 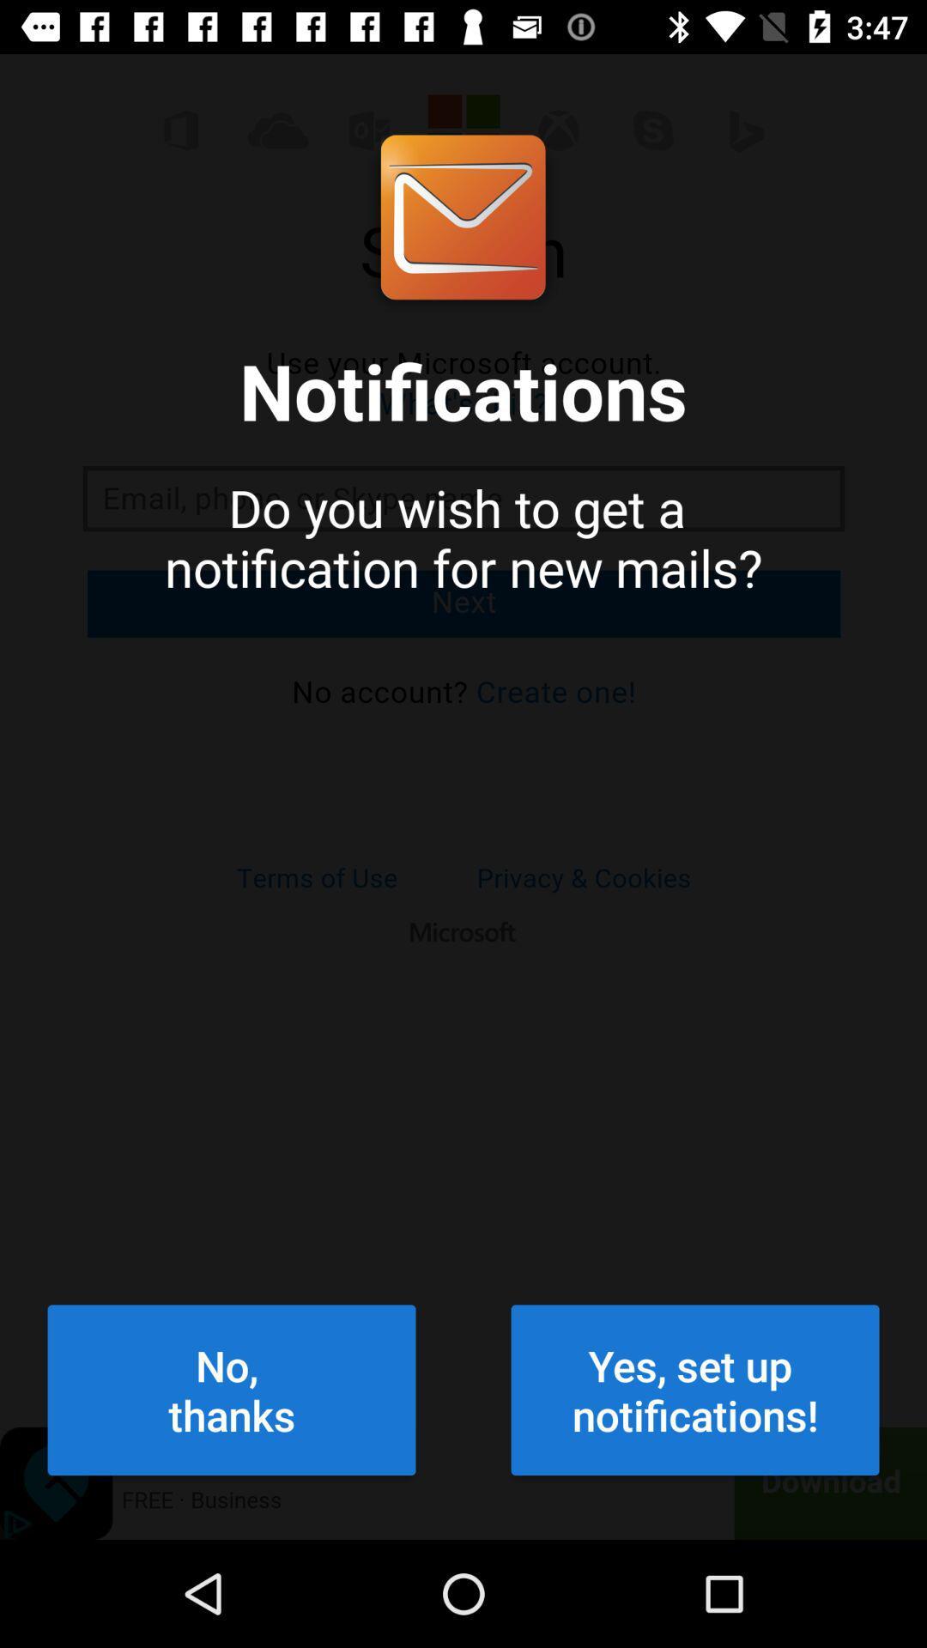 What do you see at coordinates (232, 1390) in the screenshot?
I see `no,` at bounding box center [232, 1390].